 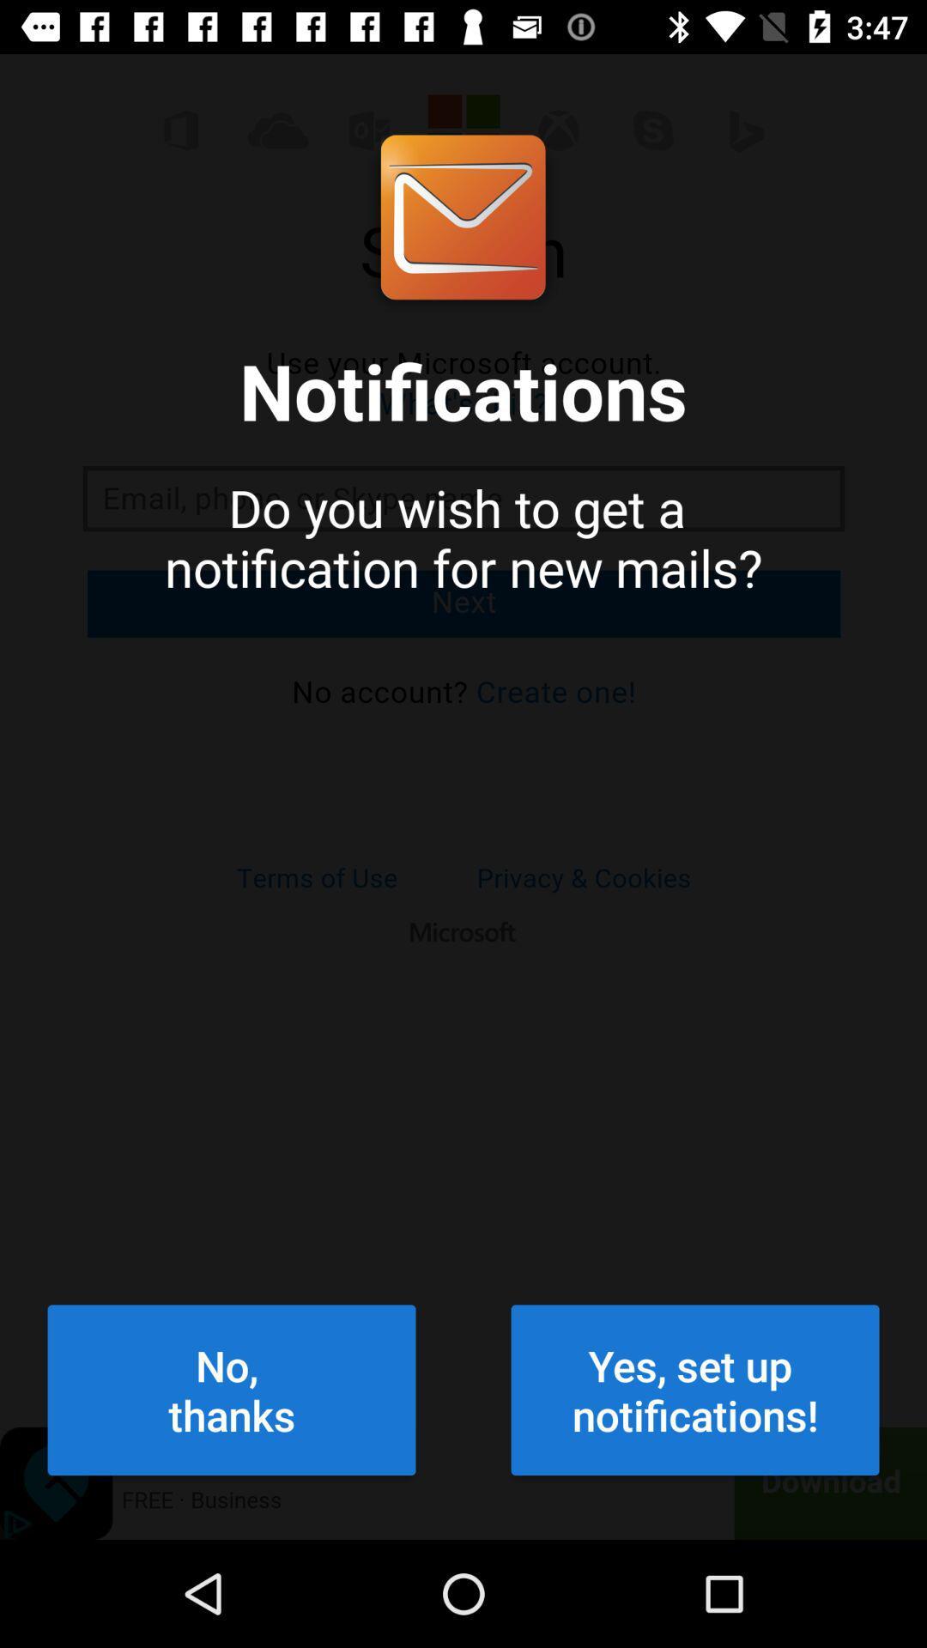 What do you see at coordinates (232, 1390) in the screenshot?
I see `no,` at bounding box center [232, 1390].